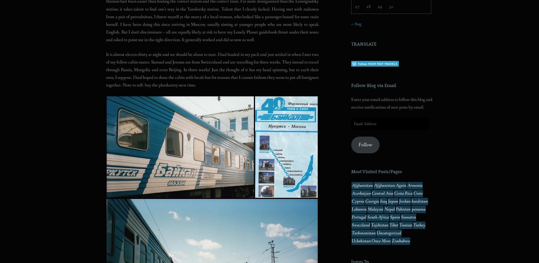 This screenshot has width=539, height=263. Describe the element at coordinates (390, 185) in the screenshot. I see `'Afghanistan Again'` at that location.